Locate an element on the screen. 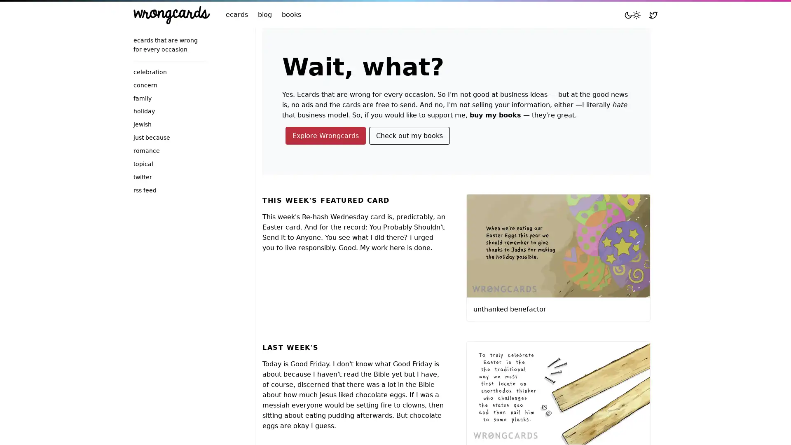  Toggle mode is located at coordinates (632, 14).